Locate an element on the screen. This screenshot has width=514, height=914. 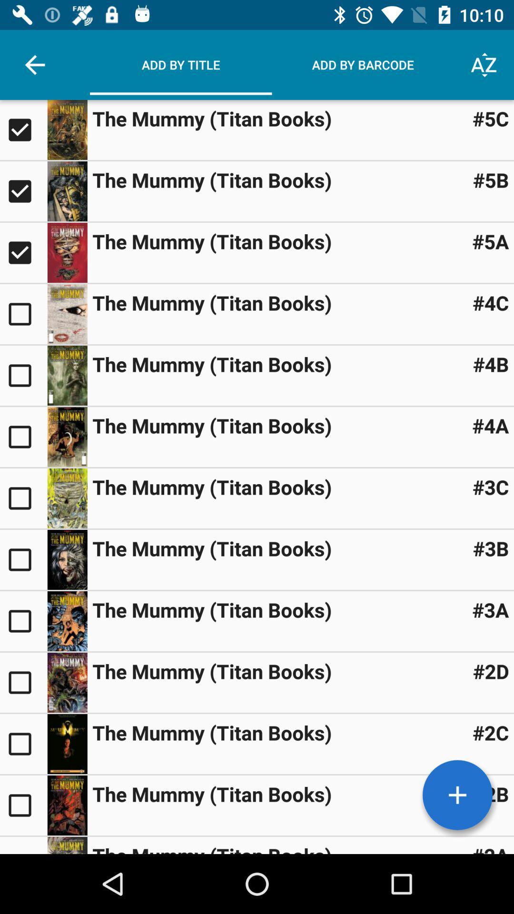
the #4b icon is located at coordinates (491, 363).